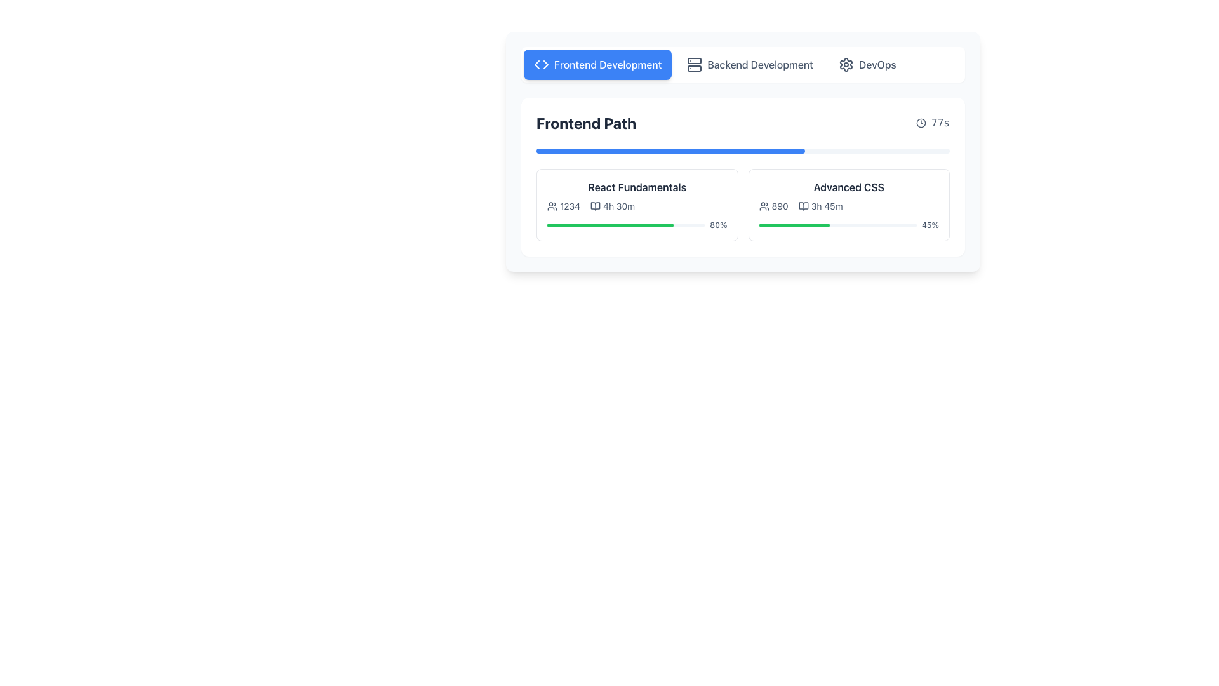  Describe the element at coordinates (613, 205) in the screenshot. I see `duration information from the label with a decorative icon indicating the estimated time required to complete the 'React Fundamentals' course module, which is the second element from the left in the horizontal row of the card-like structure` at that location.